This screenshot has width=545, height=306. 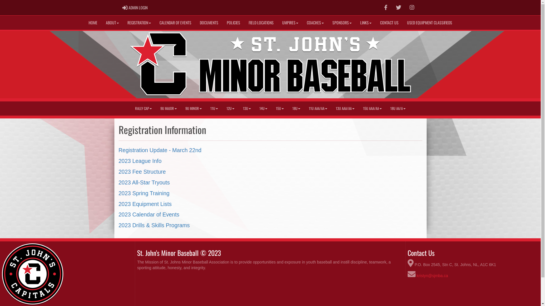 I want to click on '12U', so click(x=230, y=108).